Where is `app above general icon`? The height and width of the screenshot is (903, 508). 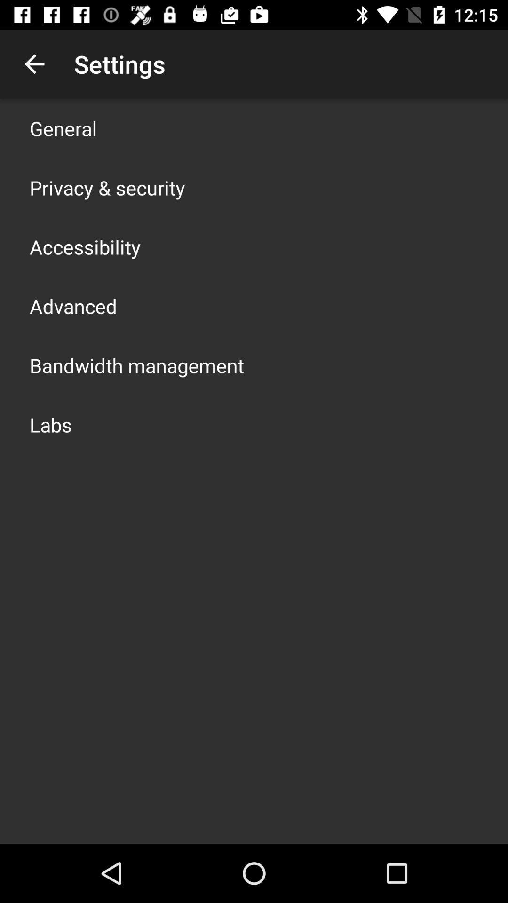 app above general icon is located at coordinates (34, 63).